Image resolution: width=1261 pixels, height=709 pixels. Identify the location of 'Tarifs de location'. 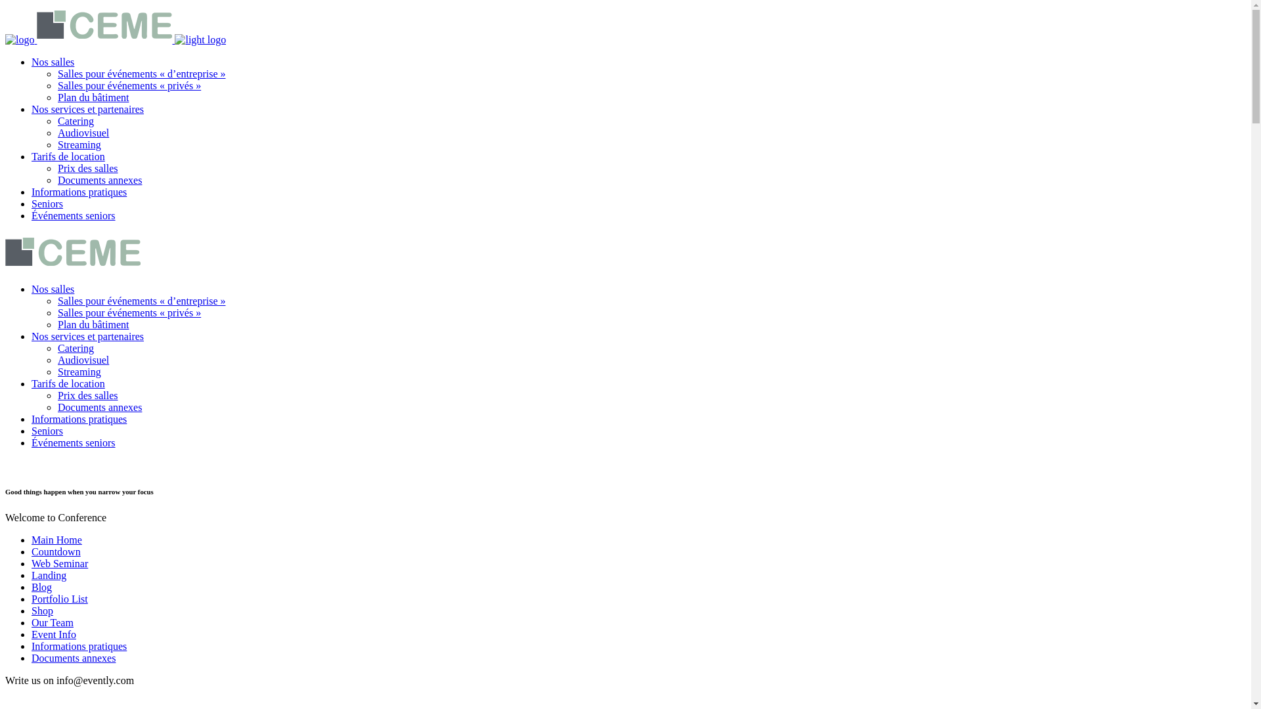
(68, 383).